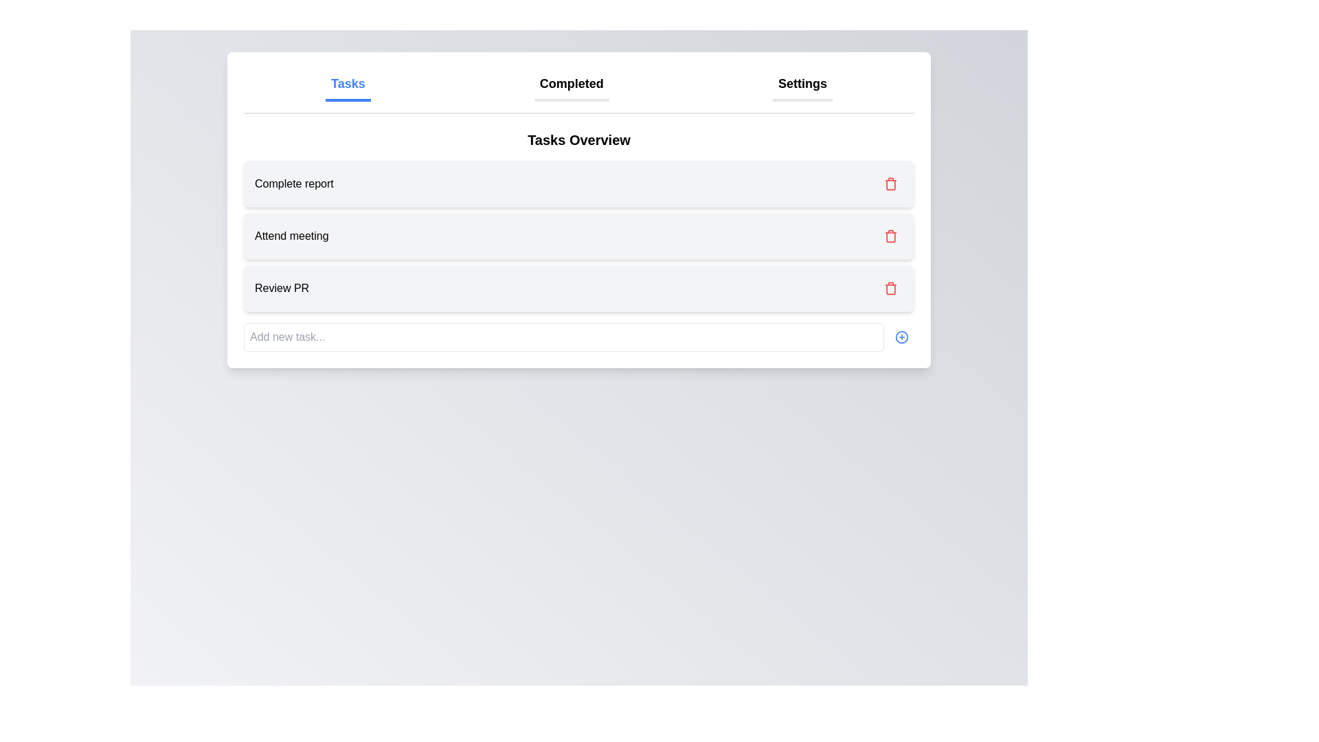 Image resolution: width=1319 pixels, height=742 pixels. Describe the element at coordinates (281, 288) in the screenshot. I see `the non-interactive Text label that displays the name or description of a task for review, located in the third row beneath 'Complete report' and 'Attend meeting'` at that location.